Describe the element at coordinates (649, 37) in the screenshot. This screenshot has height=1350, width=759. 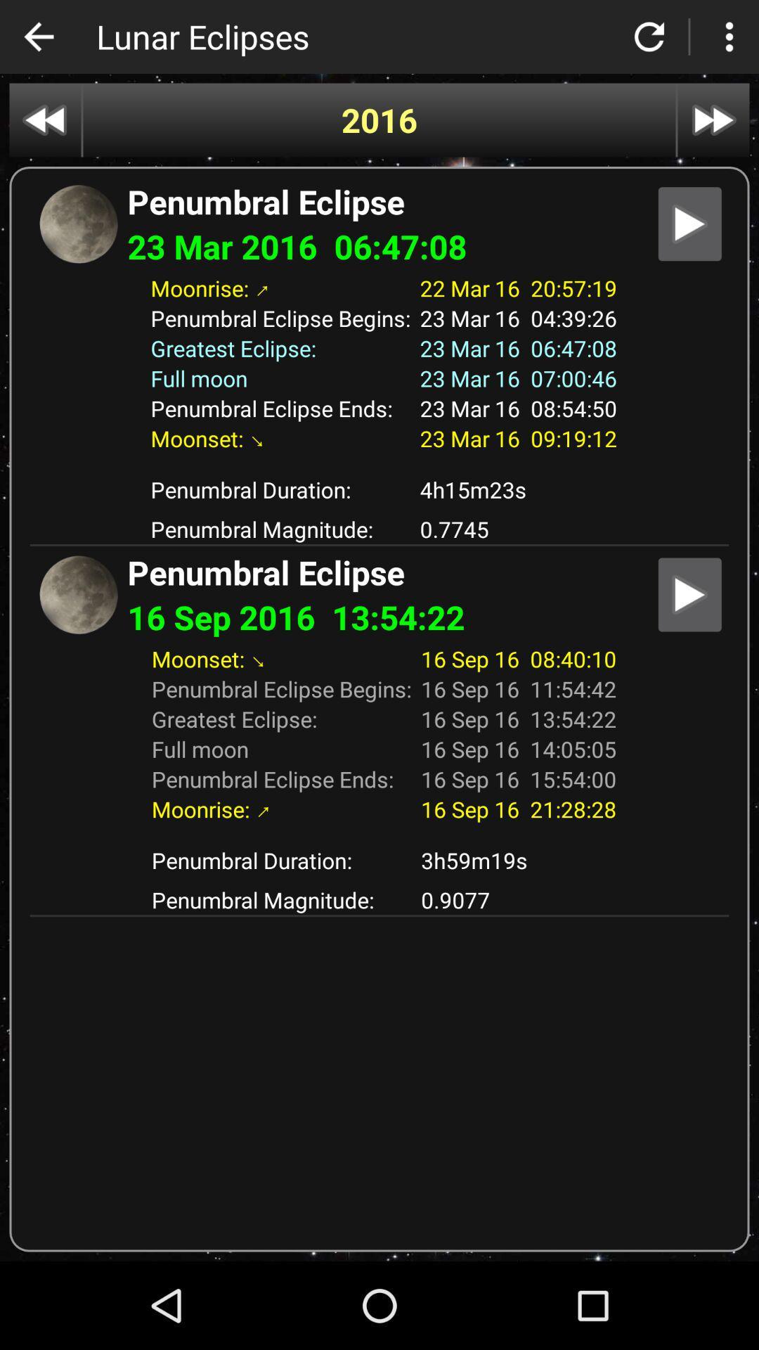
I see `refresh` at that location.